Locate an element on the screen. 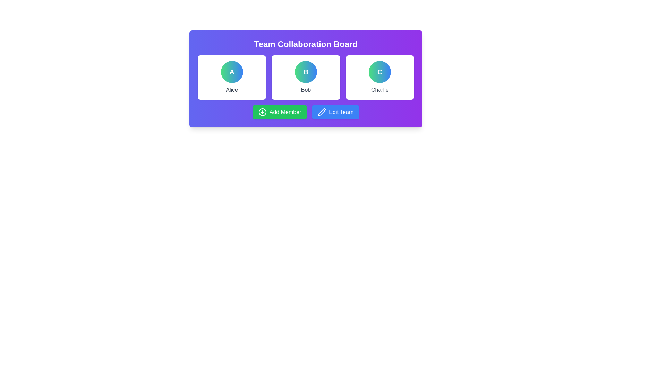 Image resolution: width=666 pixels, height=374 pixels. the circular profile badge representing the user 'Bob', which is centrally located in the card displaying his name on the Team Collaboration Board is located at coordinates (306, 72).